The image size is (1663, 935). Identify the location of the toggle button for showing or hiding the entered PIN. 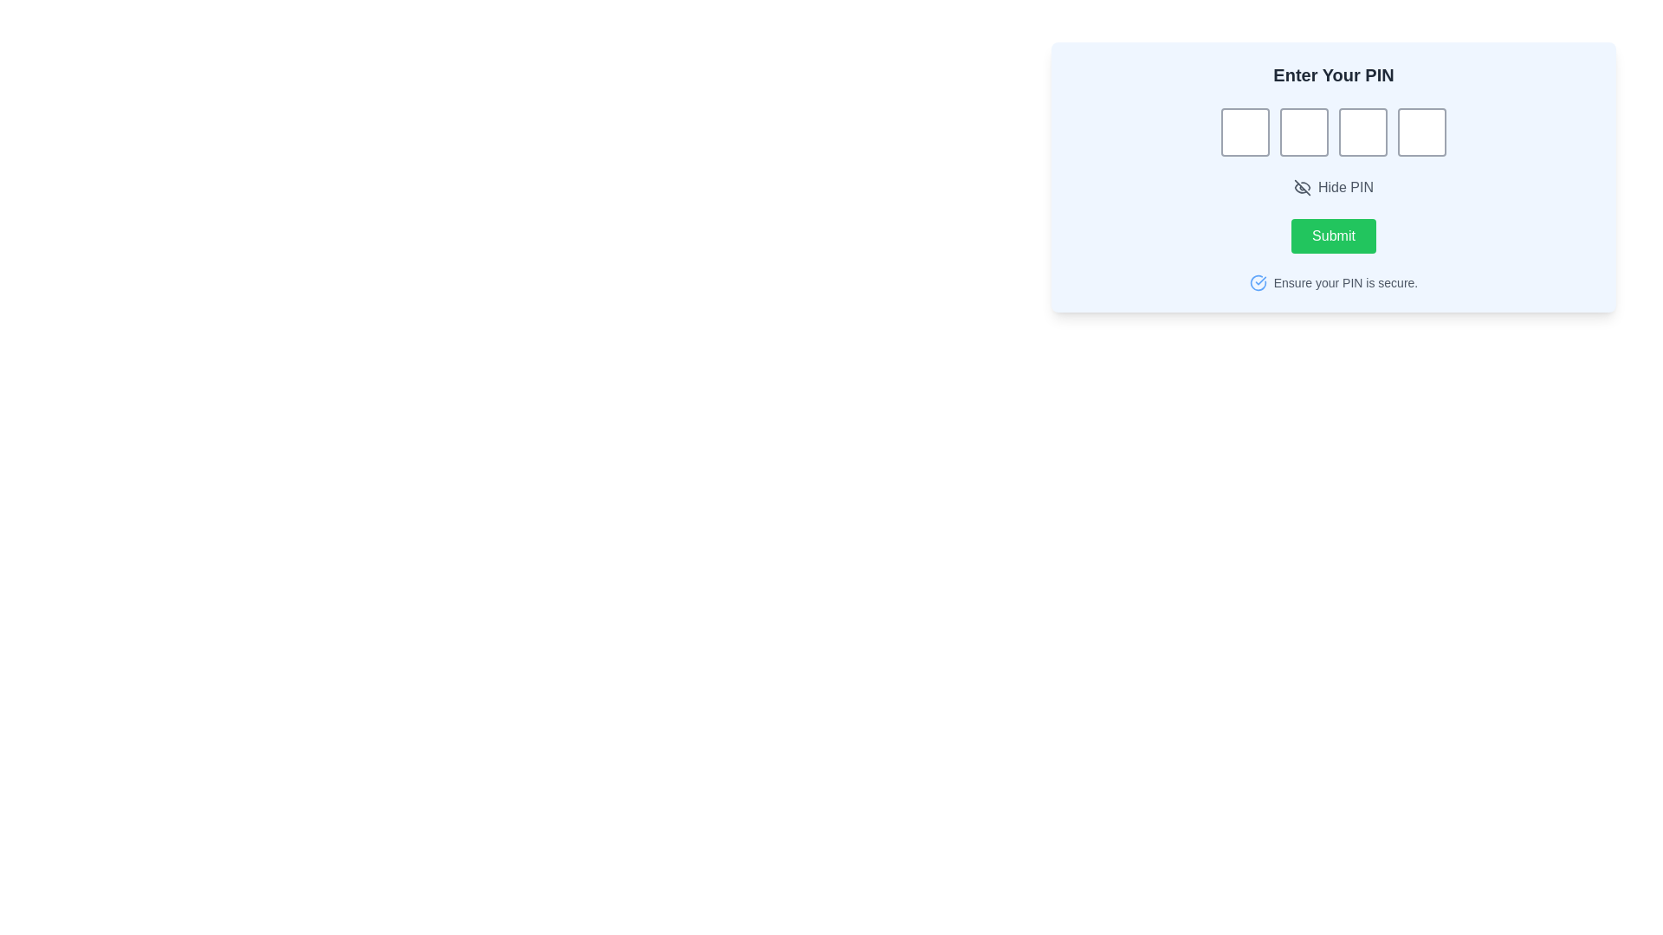
(1333, 187).